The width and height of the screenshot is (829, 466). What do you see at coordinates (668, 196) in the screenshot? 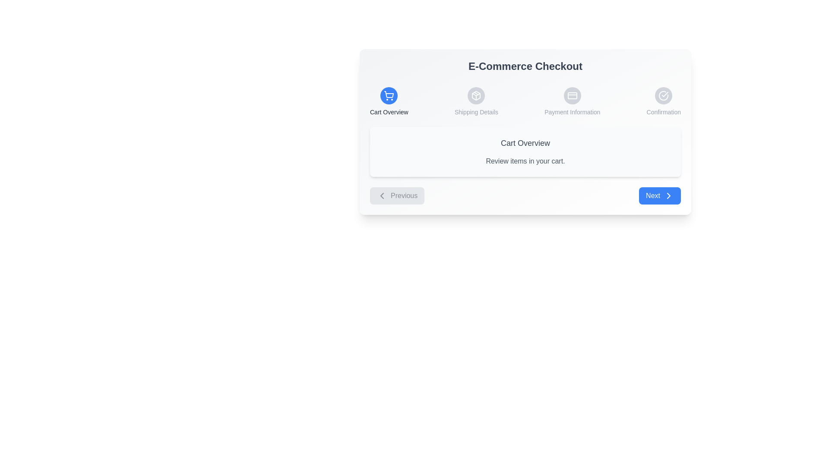
I see `the right-facing chevron icon on the blue 'Next' button` at bounding box center [668, 196].